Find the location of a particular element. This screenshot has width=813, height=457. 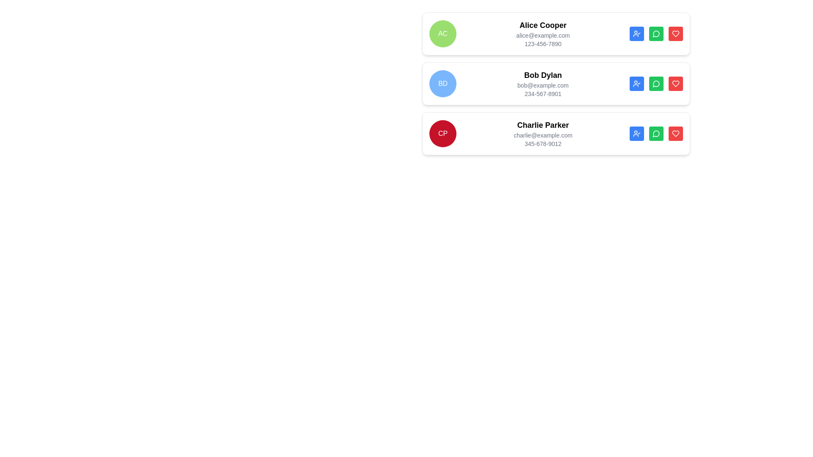

the SVG icon of a speech bubble within the green circular button for 'Alice Cooper' is located at coordinates (656, 33).